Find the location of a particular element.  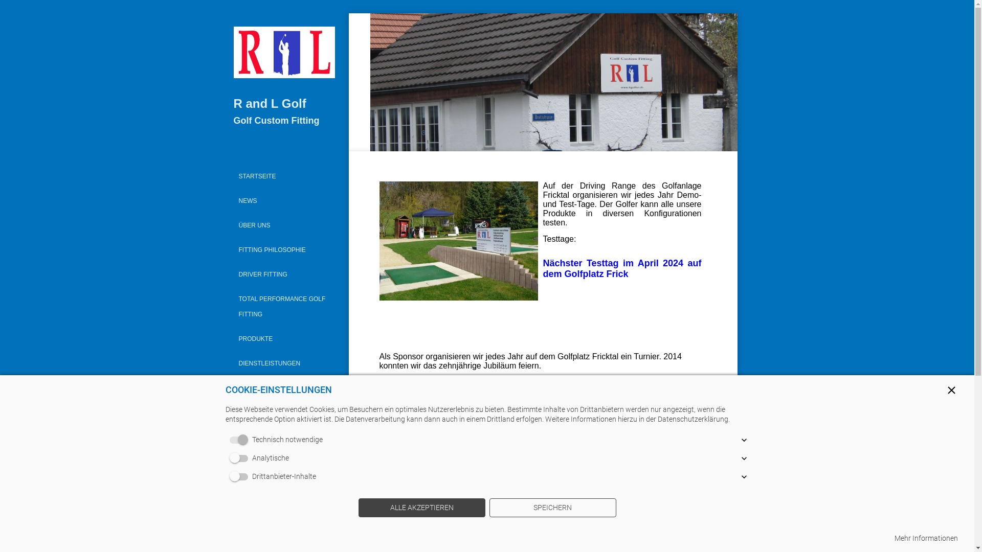

'SPEICHERN' is located at coordinates (552, 508).